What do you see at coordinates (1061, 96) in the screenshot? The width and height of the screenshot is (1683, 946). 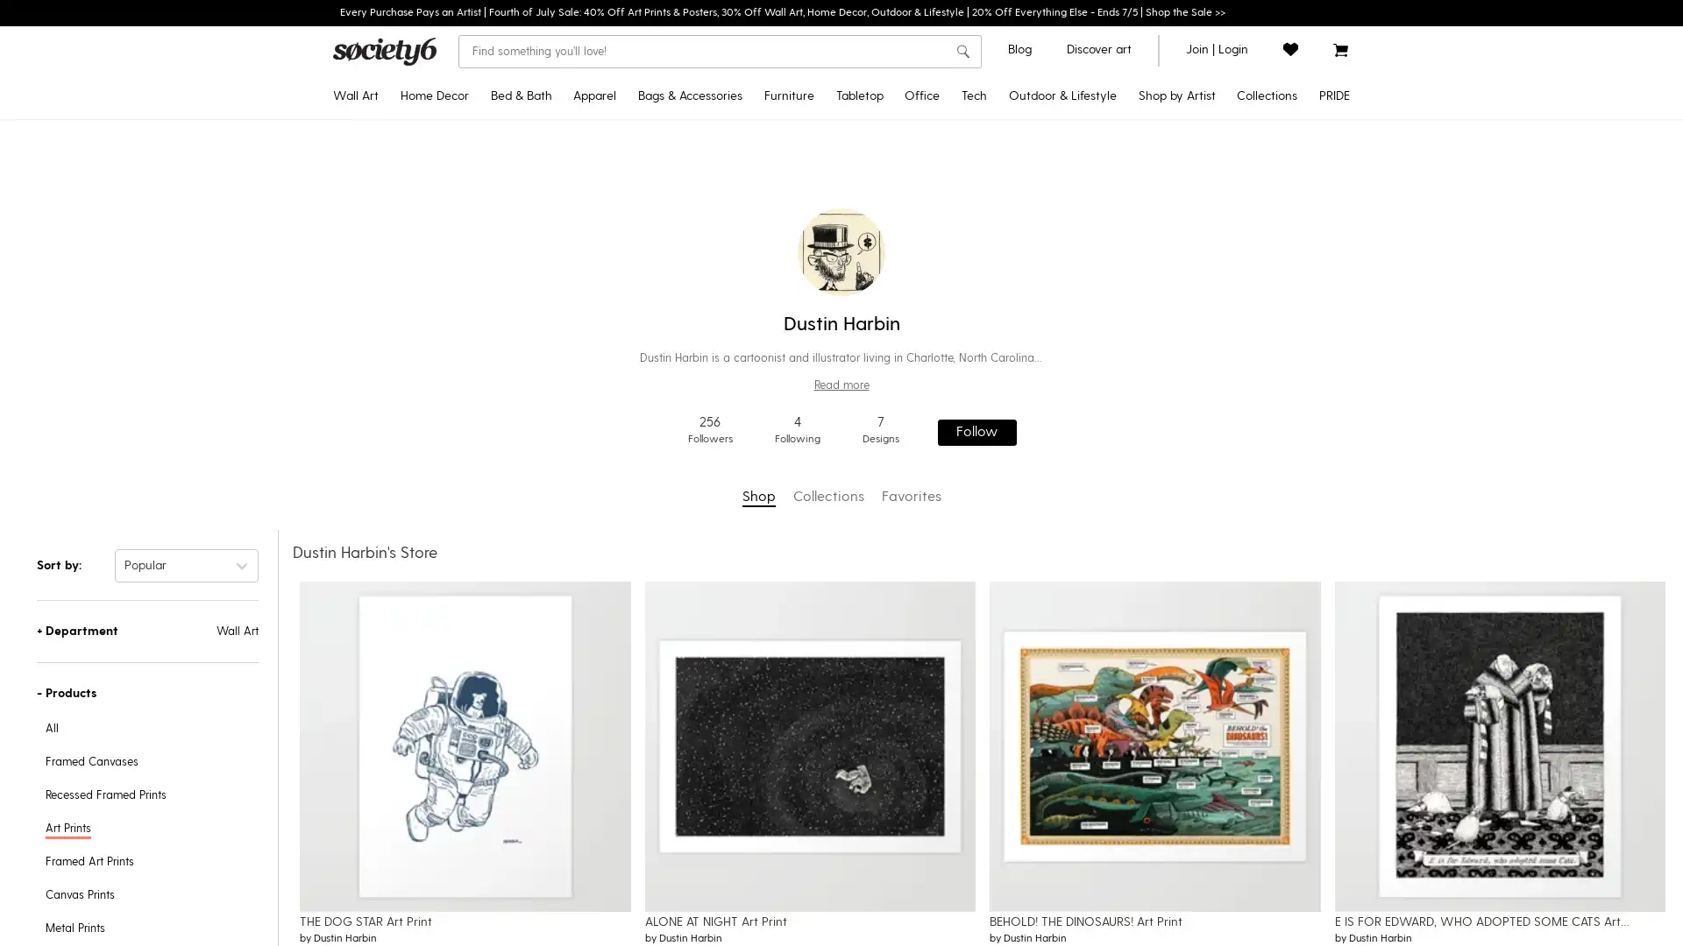 I see `Outdoor & Lifestyle` at bounding box center [1061, 96].